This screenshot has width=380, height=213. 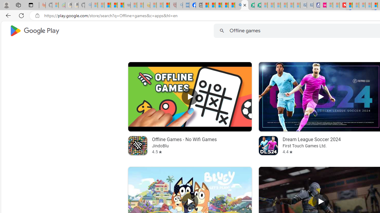 What do you see at coordinates (6, 5) in the screenshot?
I see `'Personal Profile'` at bounding box center [6, 5].